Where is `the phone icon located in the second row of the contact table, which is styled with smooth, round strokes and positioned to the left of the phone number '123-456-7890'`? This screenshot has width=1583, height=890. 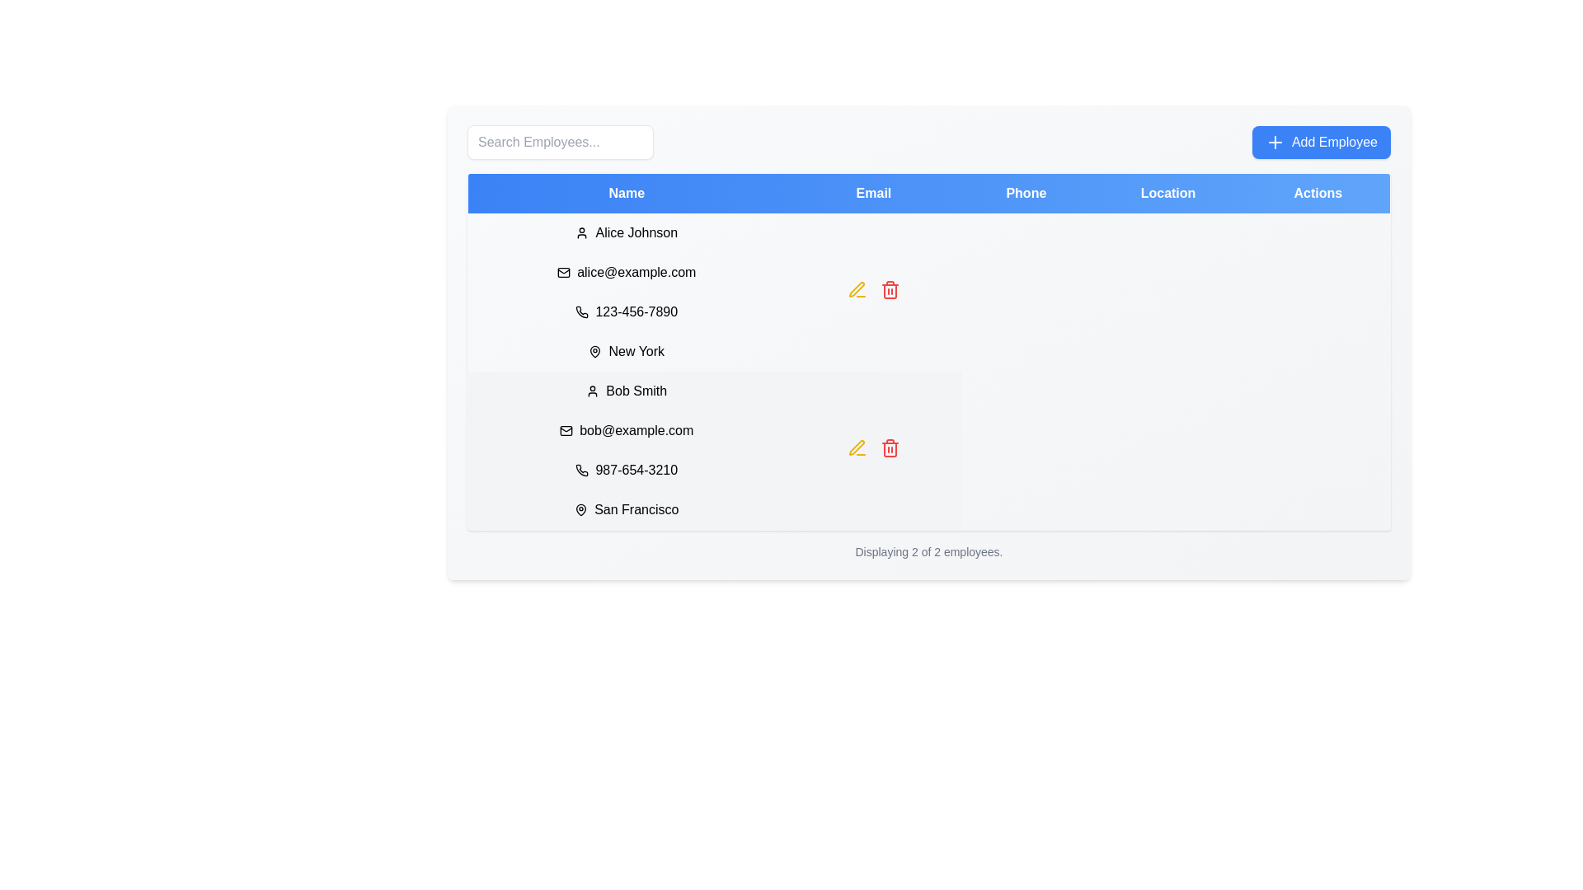
the phone icon located in the second row of the contact table, which is styled with smooth, round strokes and positioned to the left of the phone number '123-456-7890' is located at coordinates (582, 311).